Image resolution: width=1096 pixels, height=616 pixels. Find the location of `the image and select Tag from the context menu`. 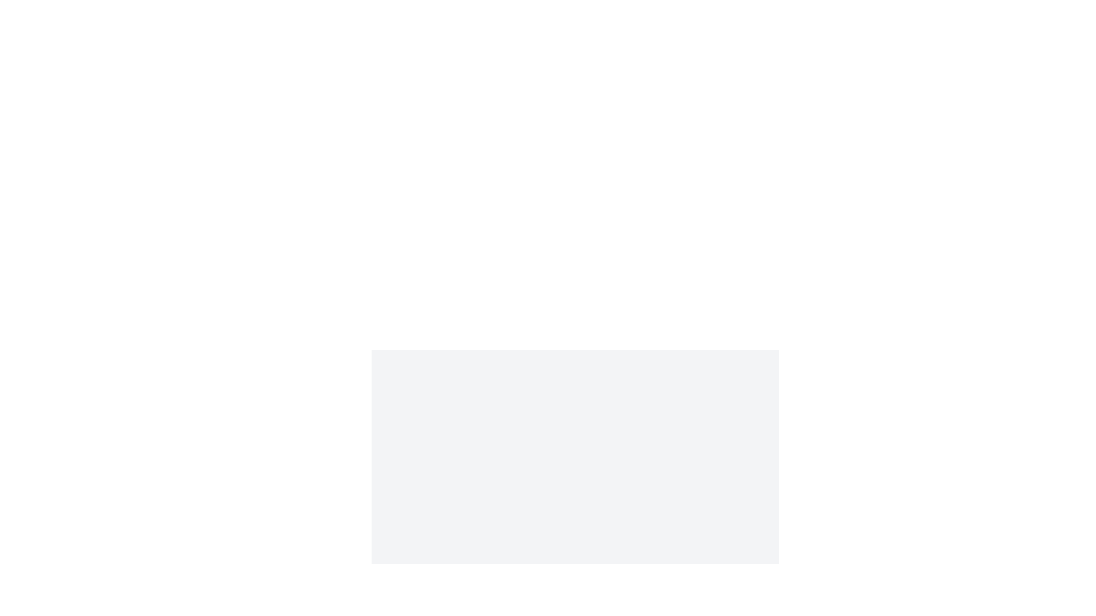

the image and select Tag from the context menu is located at coordinates (575, 449).